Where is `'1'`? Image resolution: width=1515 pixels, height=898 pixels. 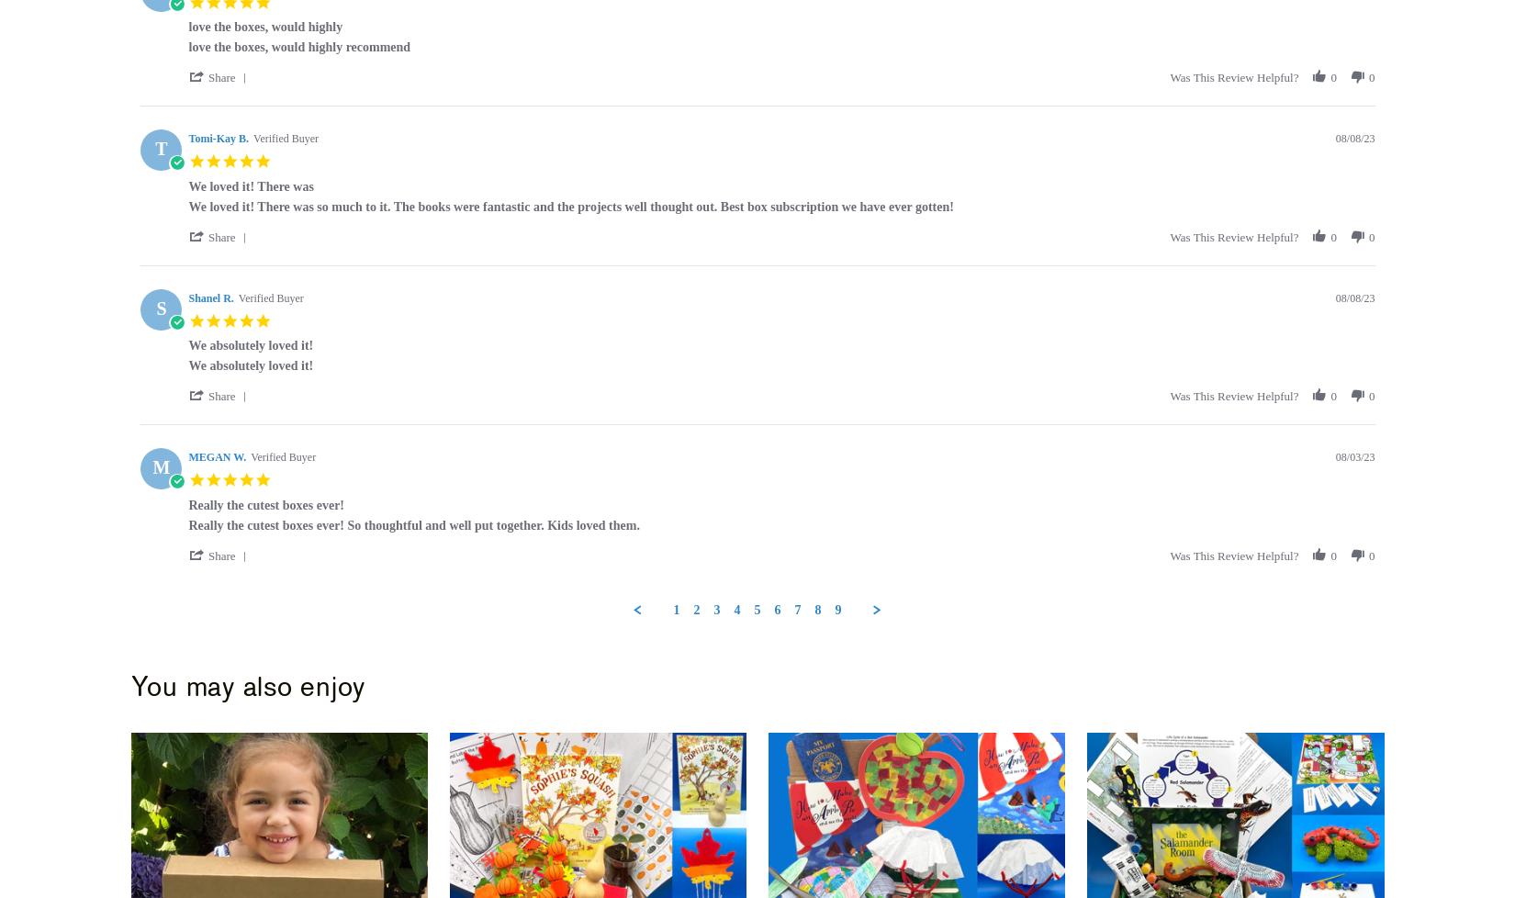
'1' is located at coordinates (675, 609).